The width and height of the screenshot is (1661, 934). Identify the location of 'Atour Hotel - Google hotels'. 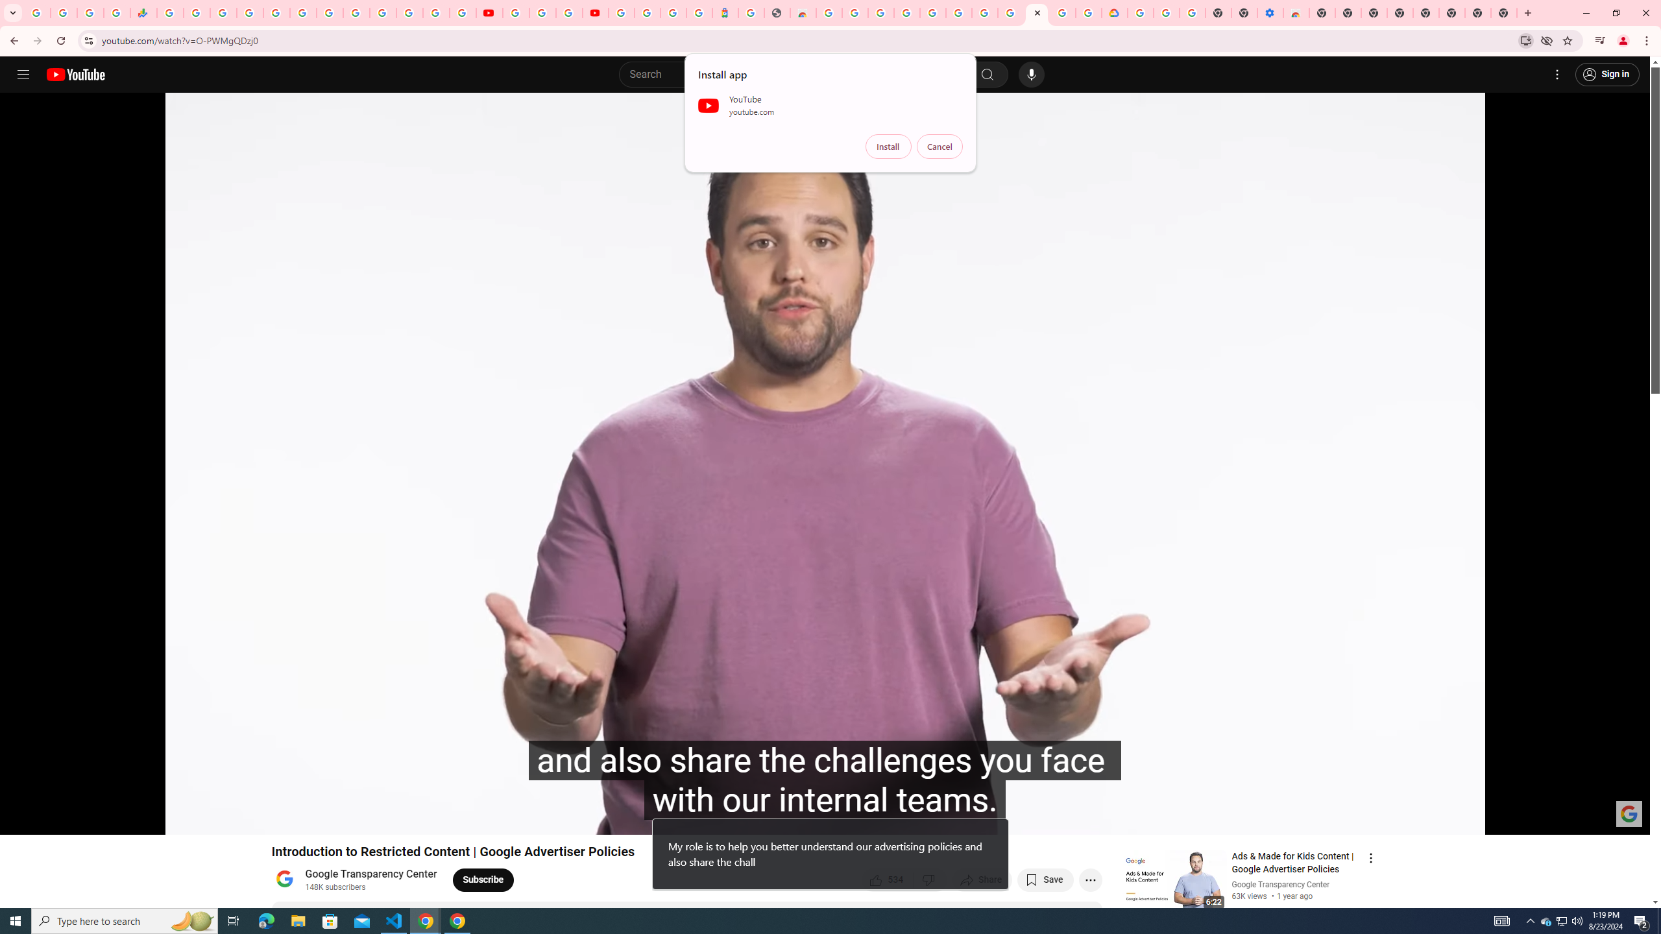
(724, 12).